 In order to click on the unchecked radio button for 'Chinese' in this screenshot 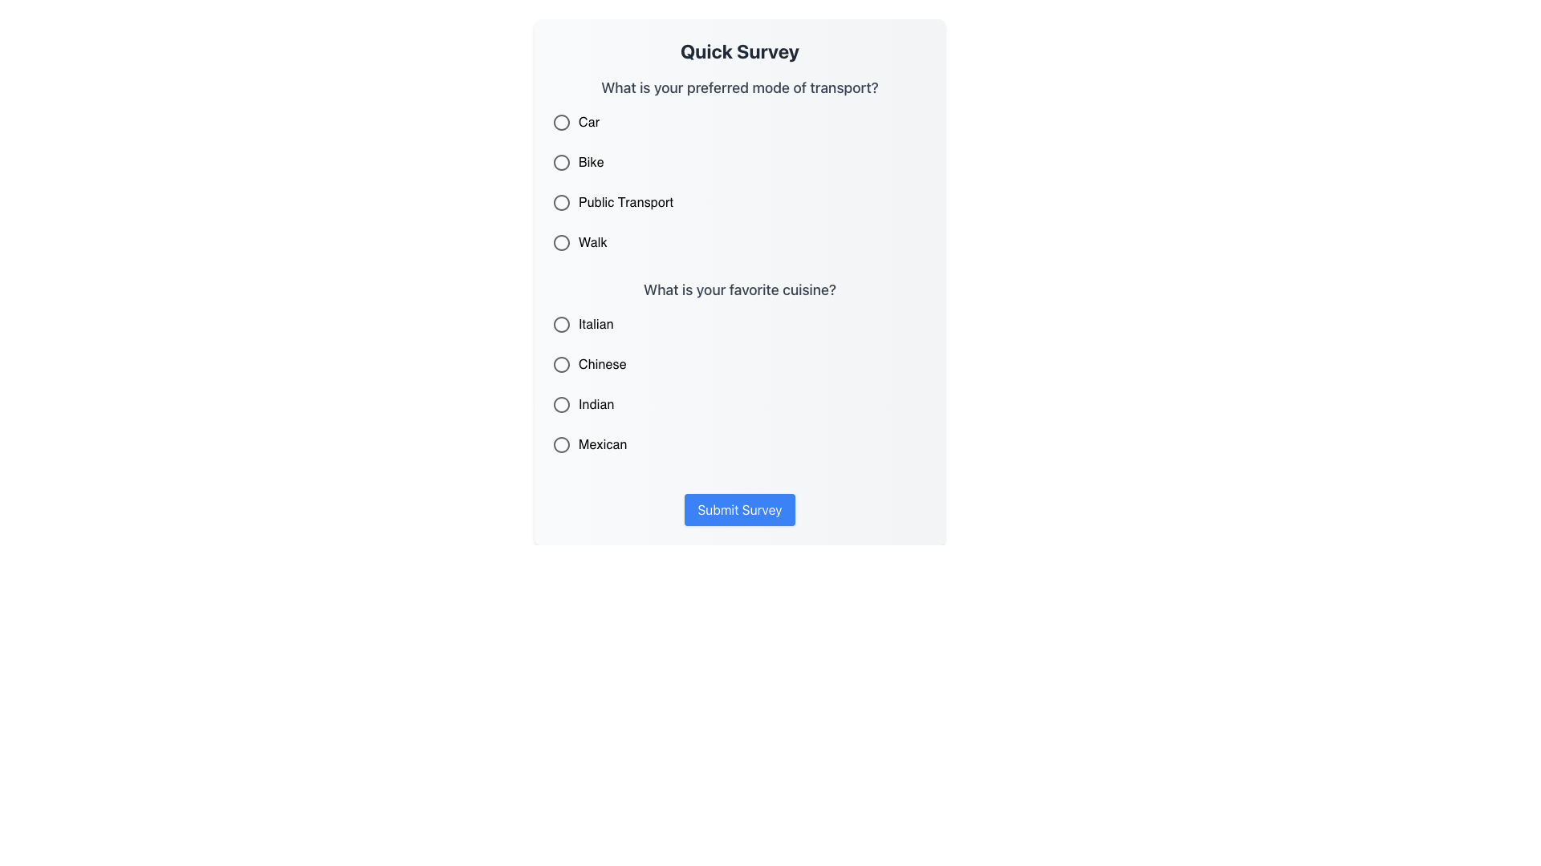, I will do `click(562, 365)`.